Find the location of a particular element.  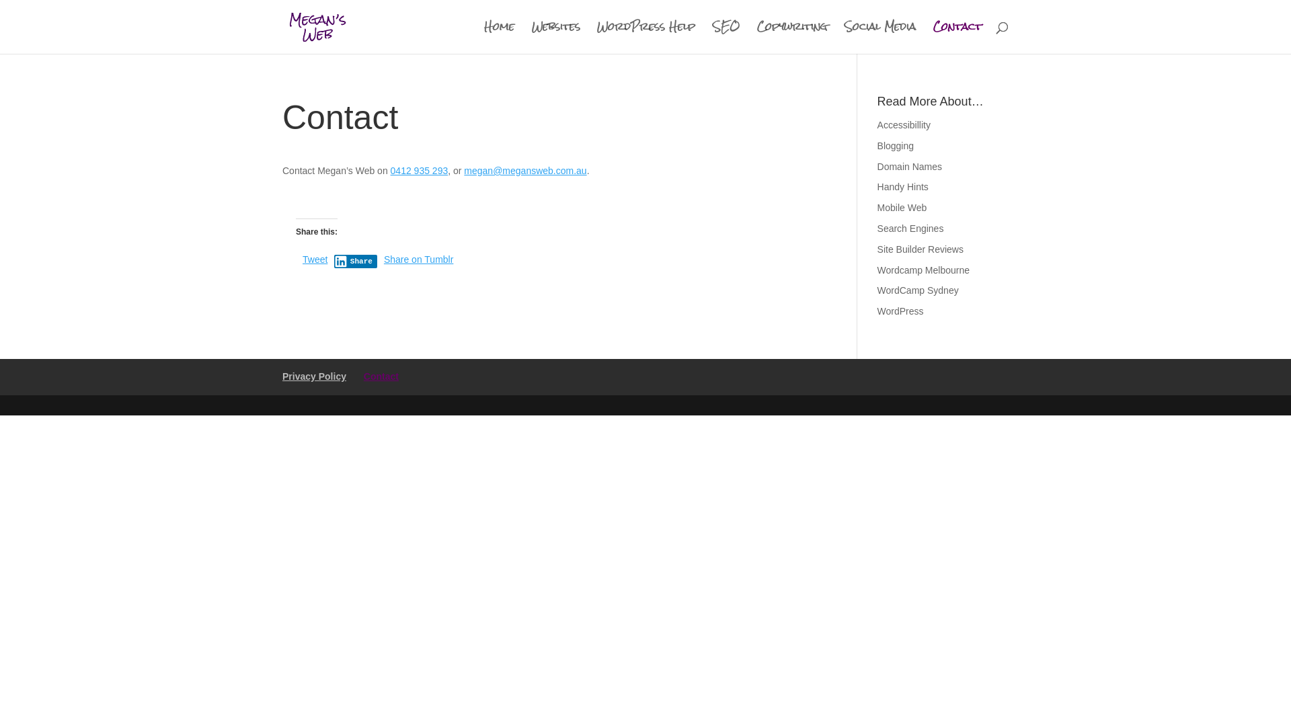

'WordPress Help' is located at coordinates (645, 37).